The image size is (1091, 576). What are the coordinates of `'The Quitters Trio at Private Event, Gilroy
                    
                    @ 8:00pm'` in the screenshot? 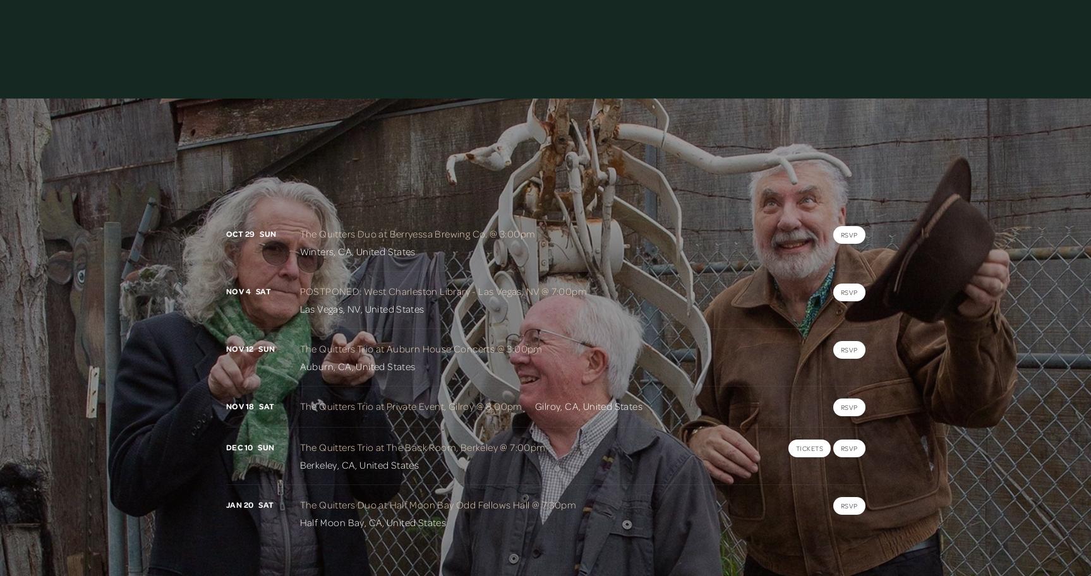 It's located at (411, 405).